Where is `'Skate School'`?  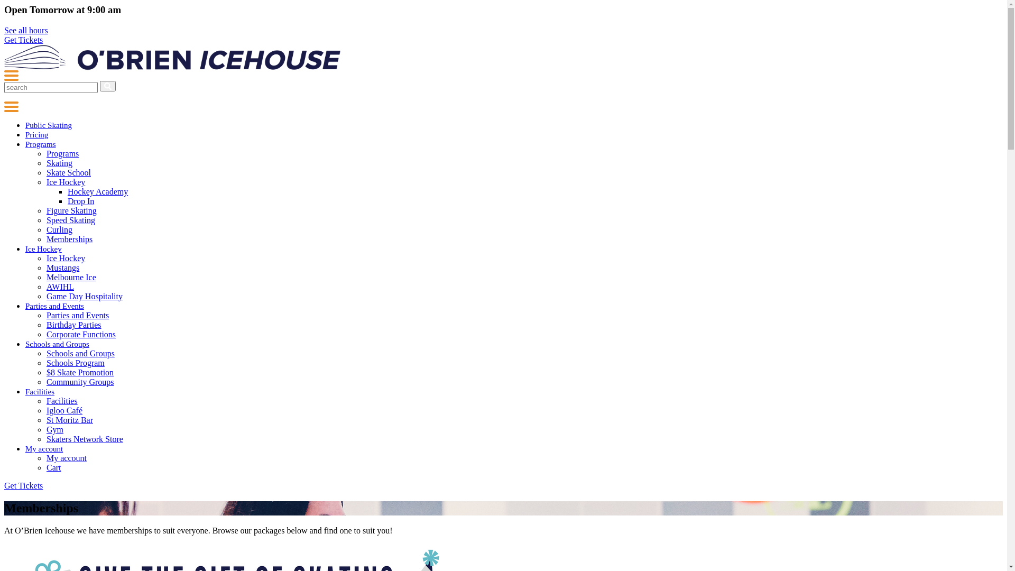
'Skate School' is located at coordinates (45, 172).